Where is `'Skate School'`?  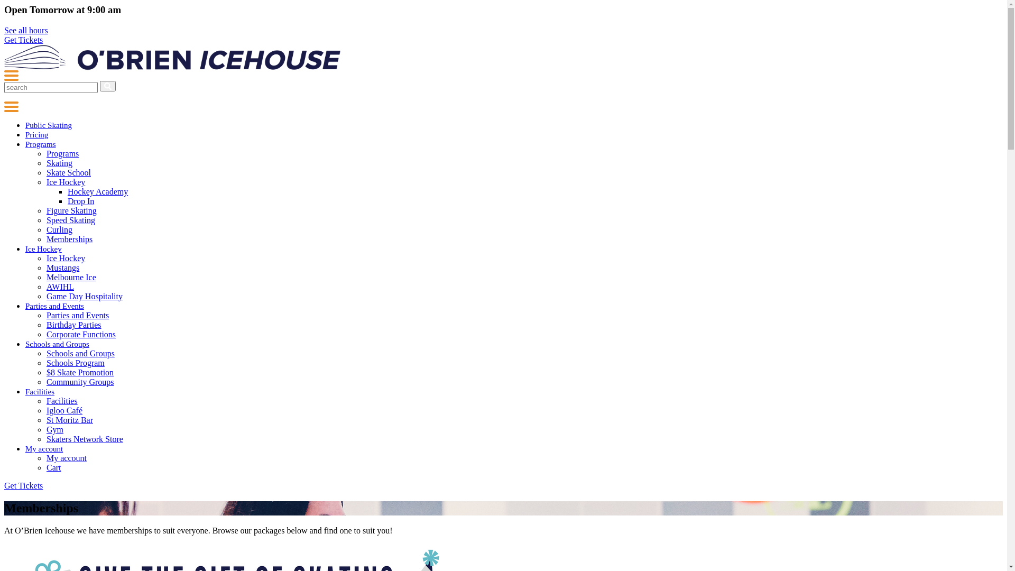
'Skate School' is located at coordinates (45, 172).